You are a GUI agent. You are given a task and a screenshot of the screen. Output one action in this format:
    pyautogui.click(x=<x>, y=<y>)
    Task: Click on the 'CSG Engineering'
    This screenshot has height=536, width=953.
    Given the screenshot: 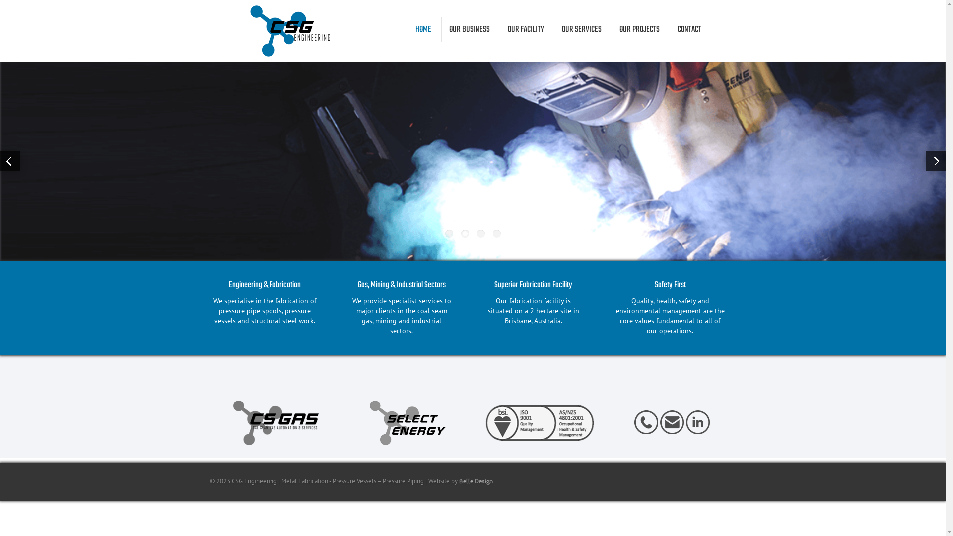 What is the action you would take?
    pyautogui.click(x=288, y=19)
    